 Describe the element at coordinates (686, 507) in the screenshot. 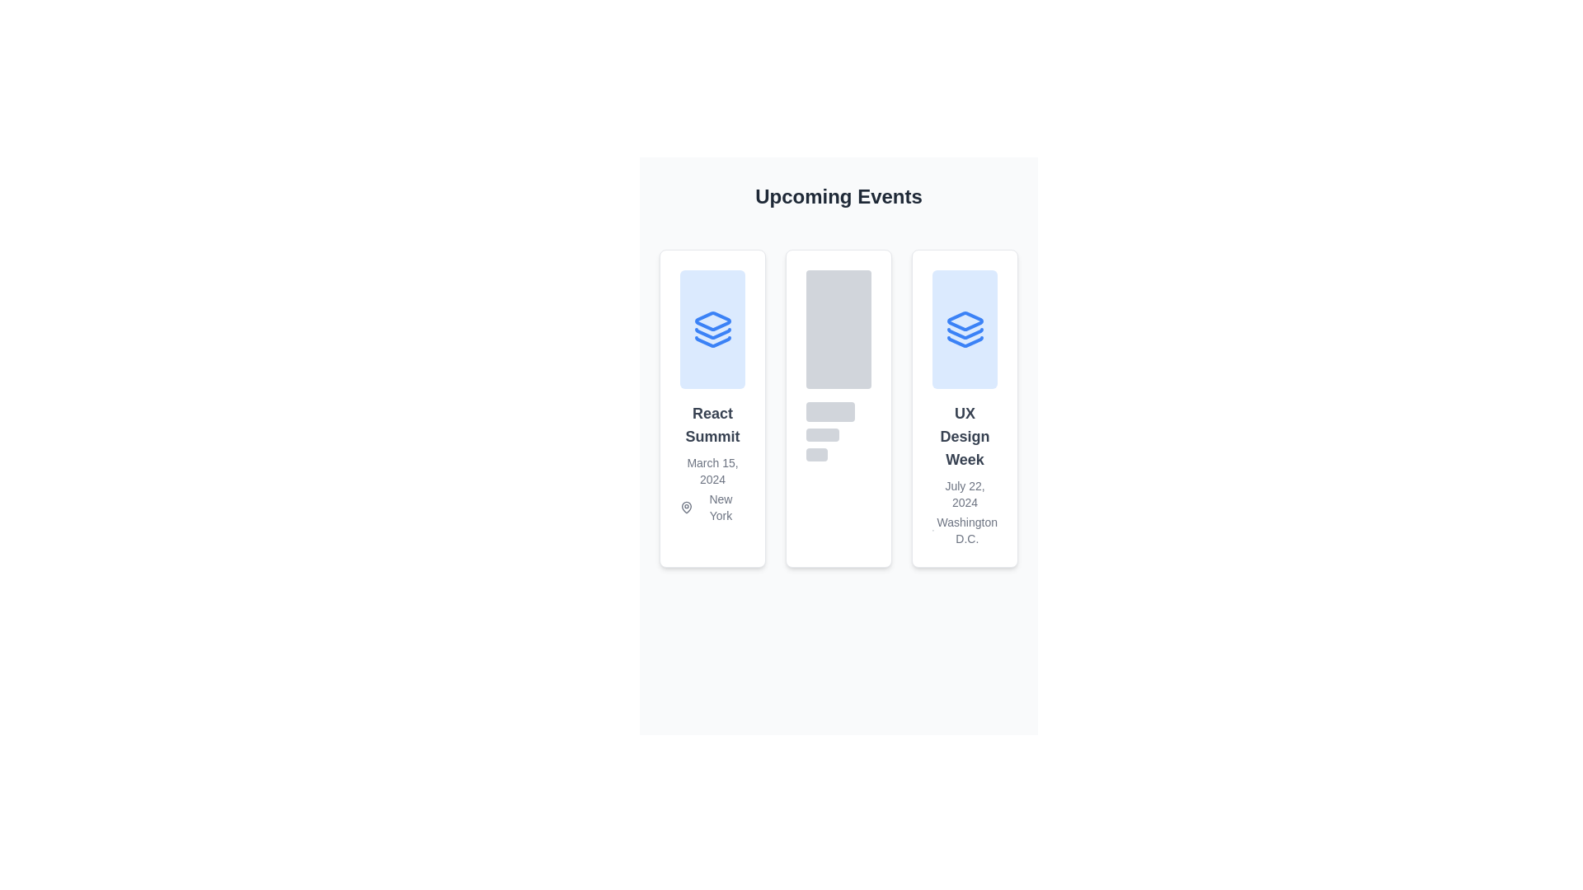

I see `the geographical location icon next to the text 'New York' under the event title 'React Summit' in the 'Upcoming Events' section` at that location.